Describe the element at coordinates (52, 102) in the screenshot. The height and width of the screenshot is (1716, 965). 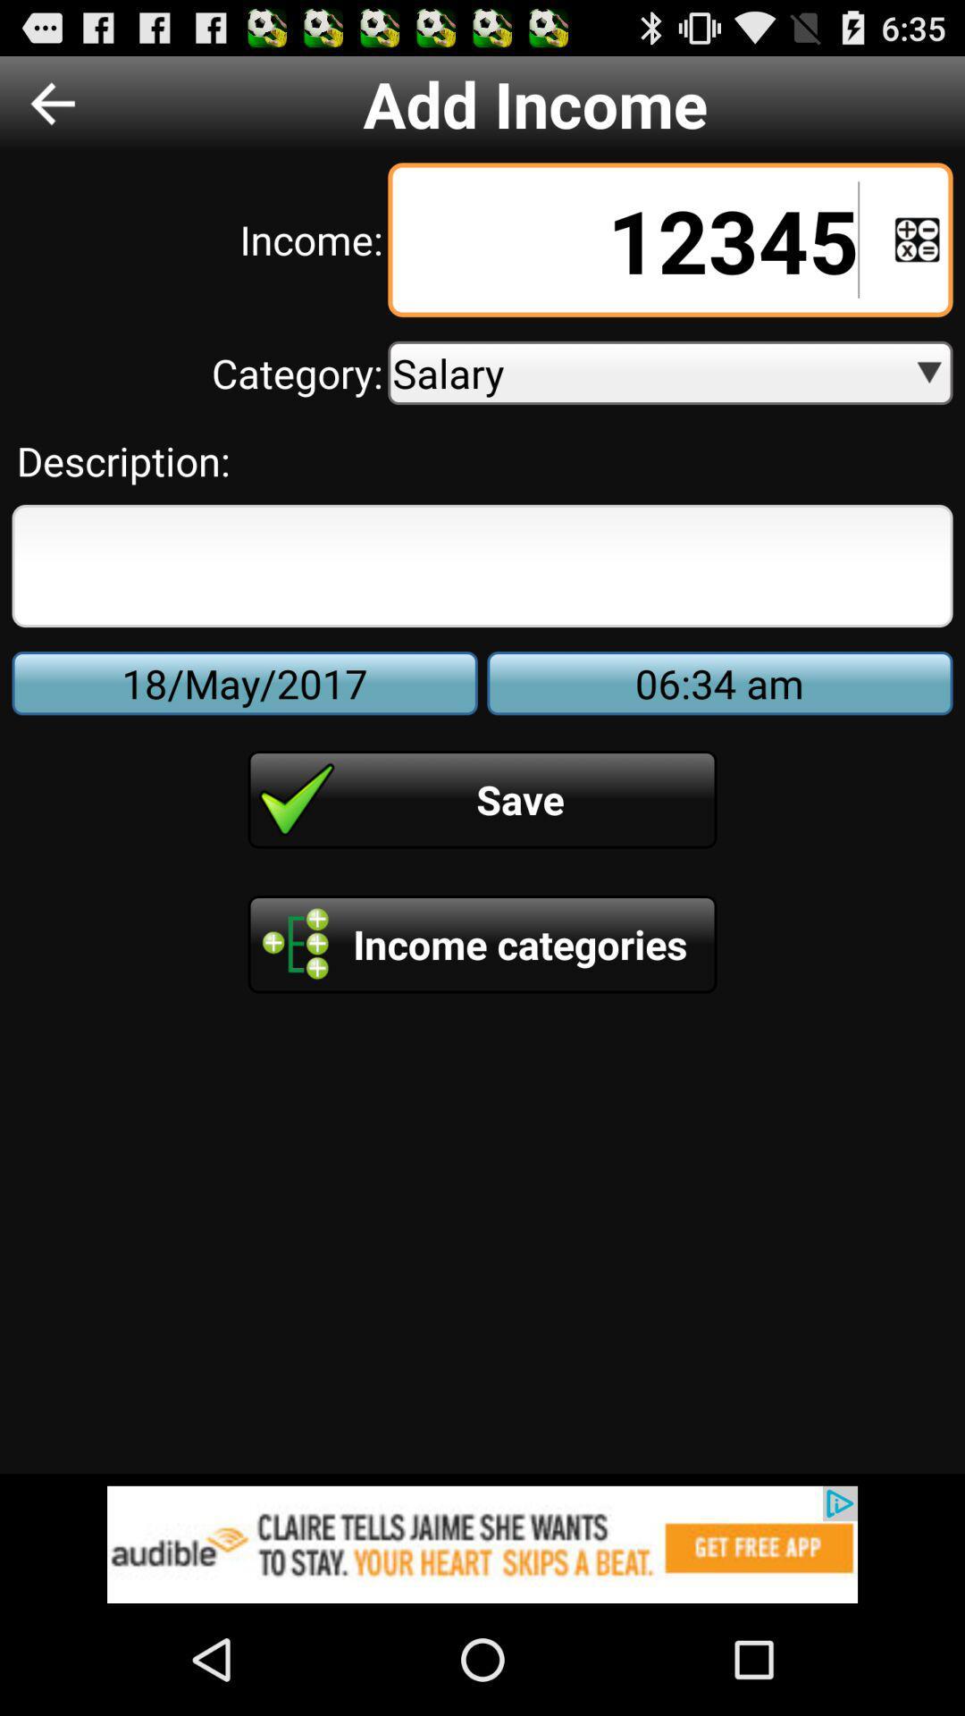
I see `go back` at that location.